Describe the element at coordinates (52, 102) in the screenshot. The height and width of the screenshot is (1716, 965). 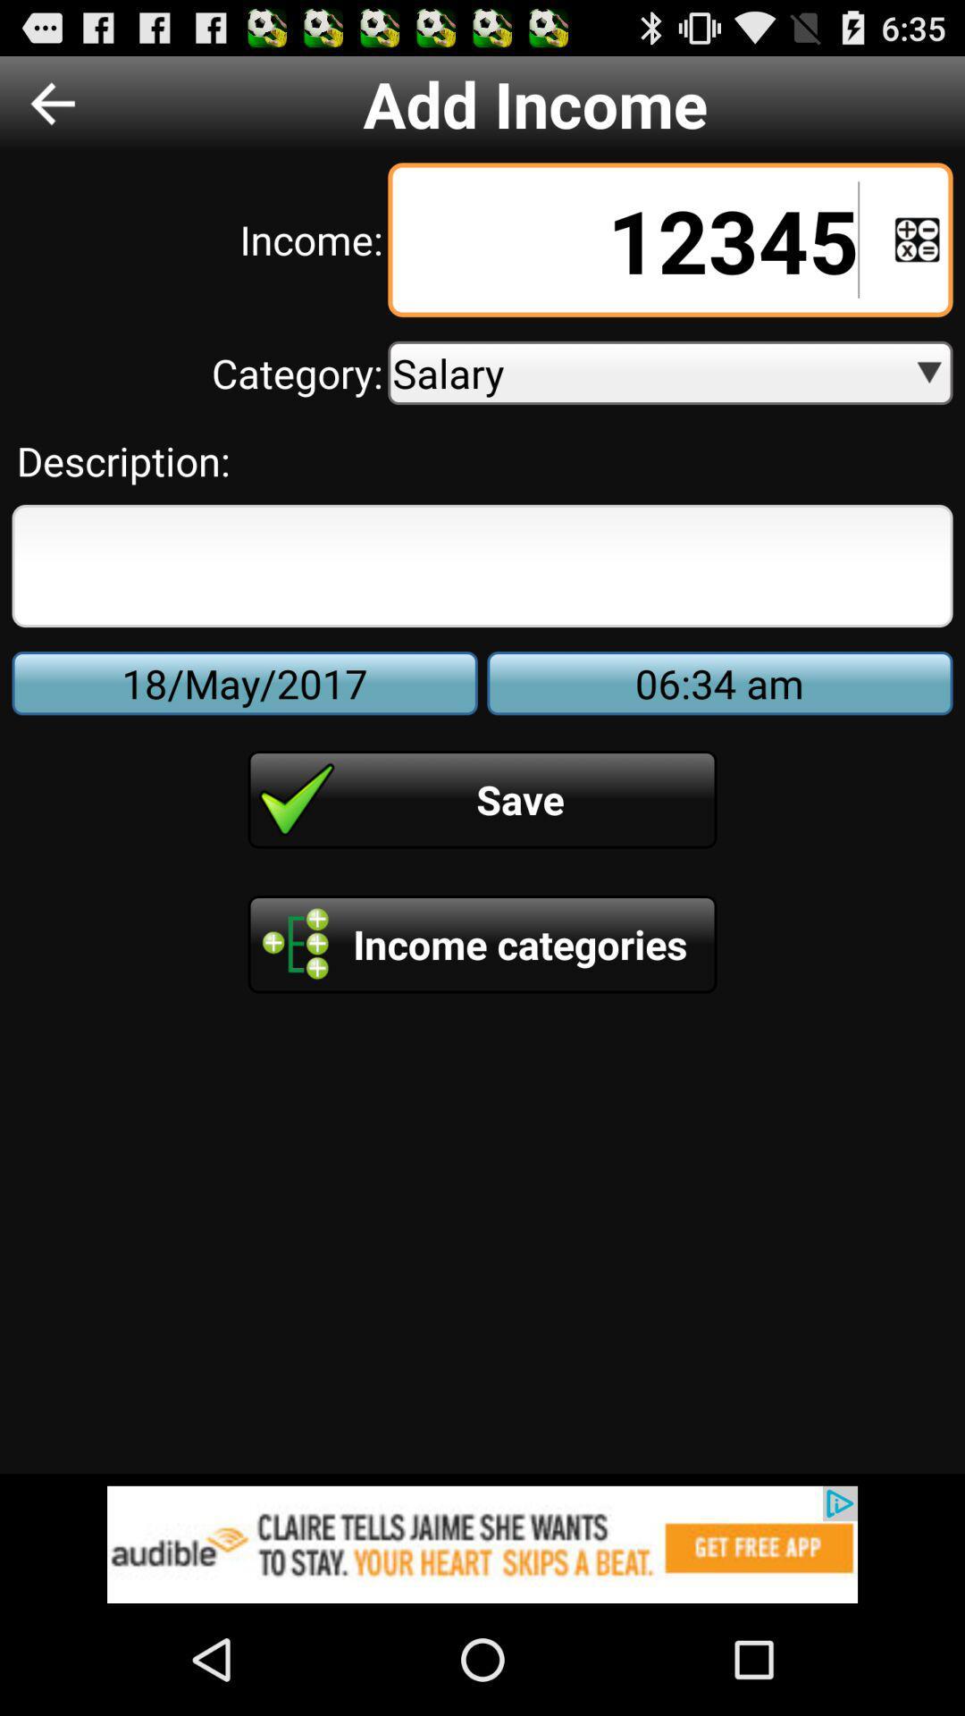
I see `go back` at that location.